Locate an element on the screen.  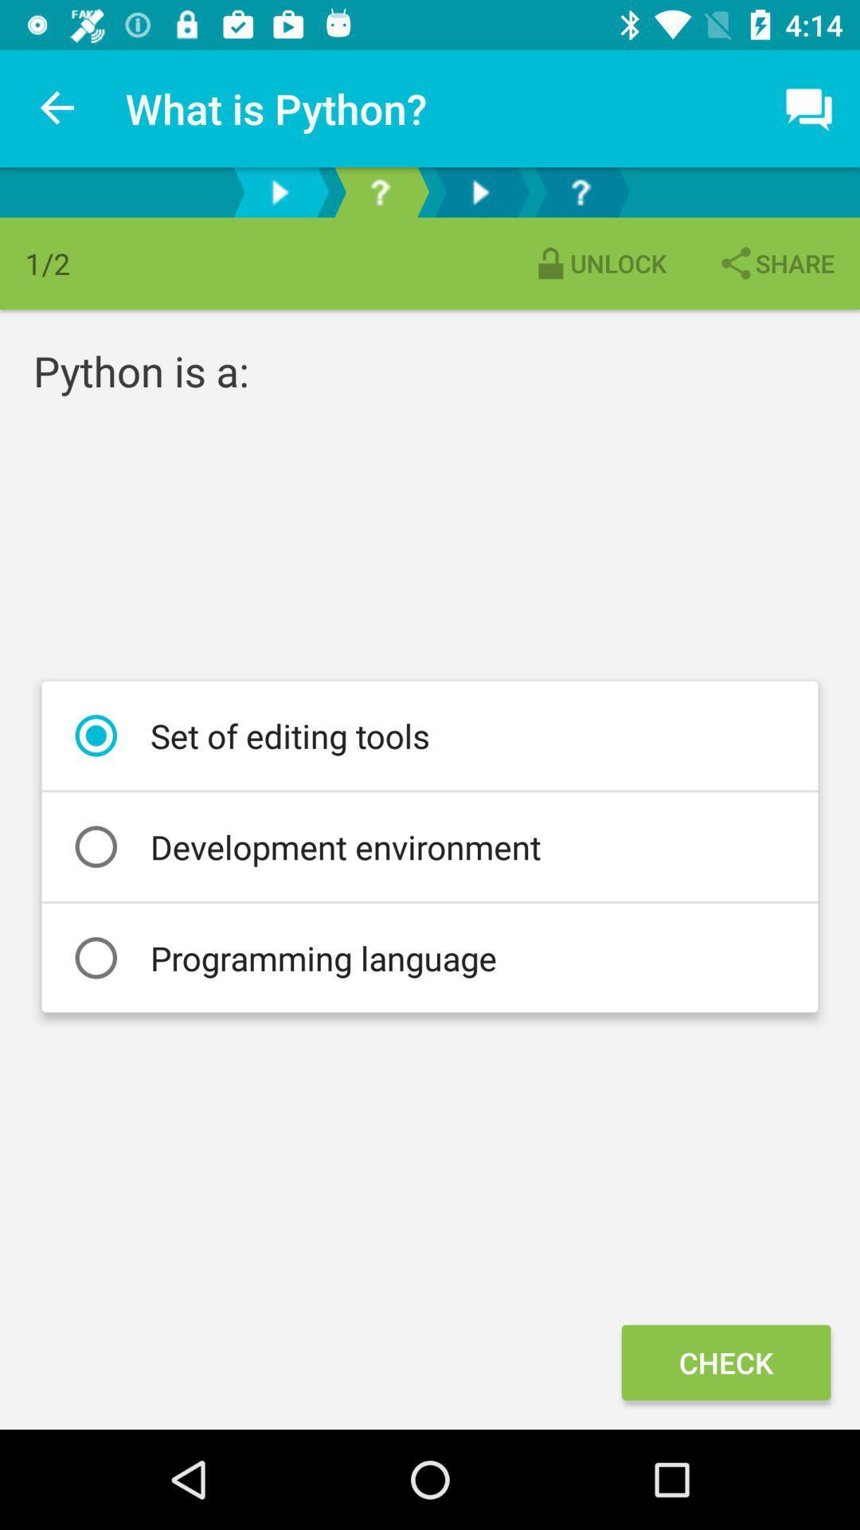
the help icon is located at coordinates (380, 191).